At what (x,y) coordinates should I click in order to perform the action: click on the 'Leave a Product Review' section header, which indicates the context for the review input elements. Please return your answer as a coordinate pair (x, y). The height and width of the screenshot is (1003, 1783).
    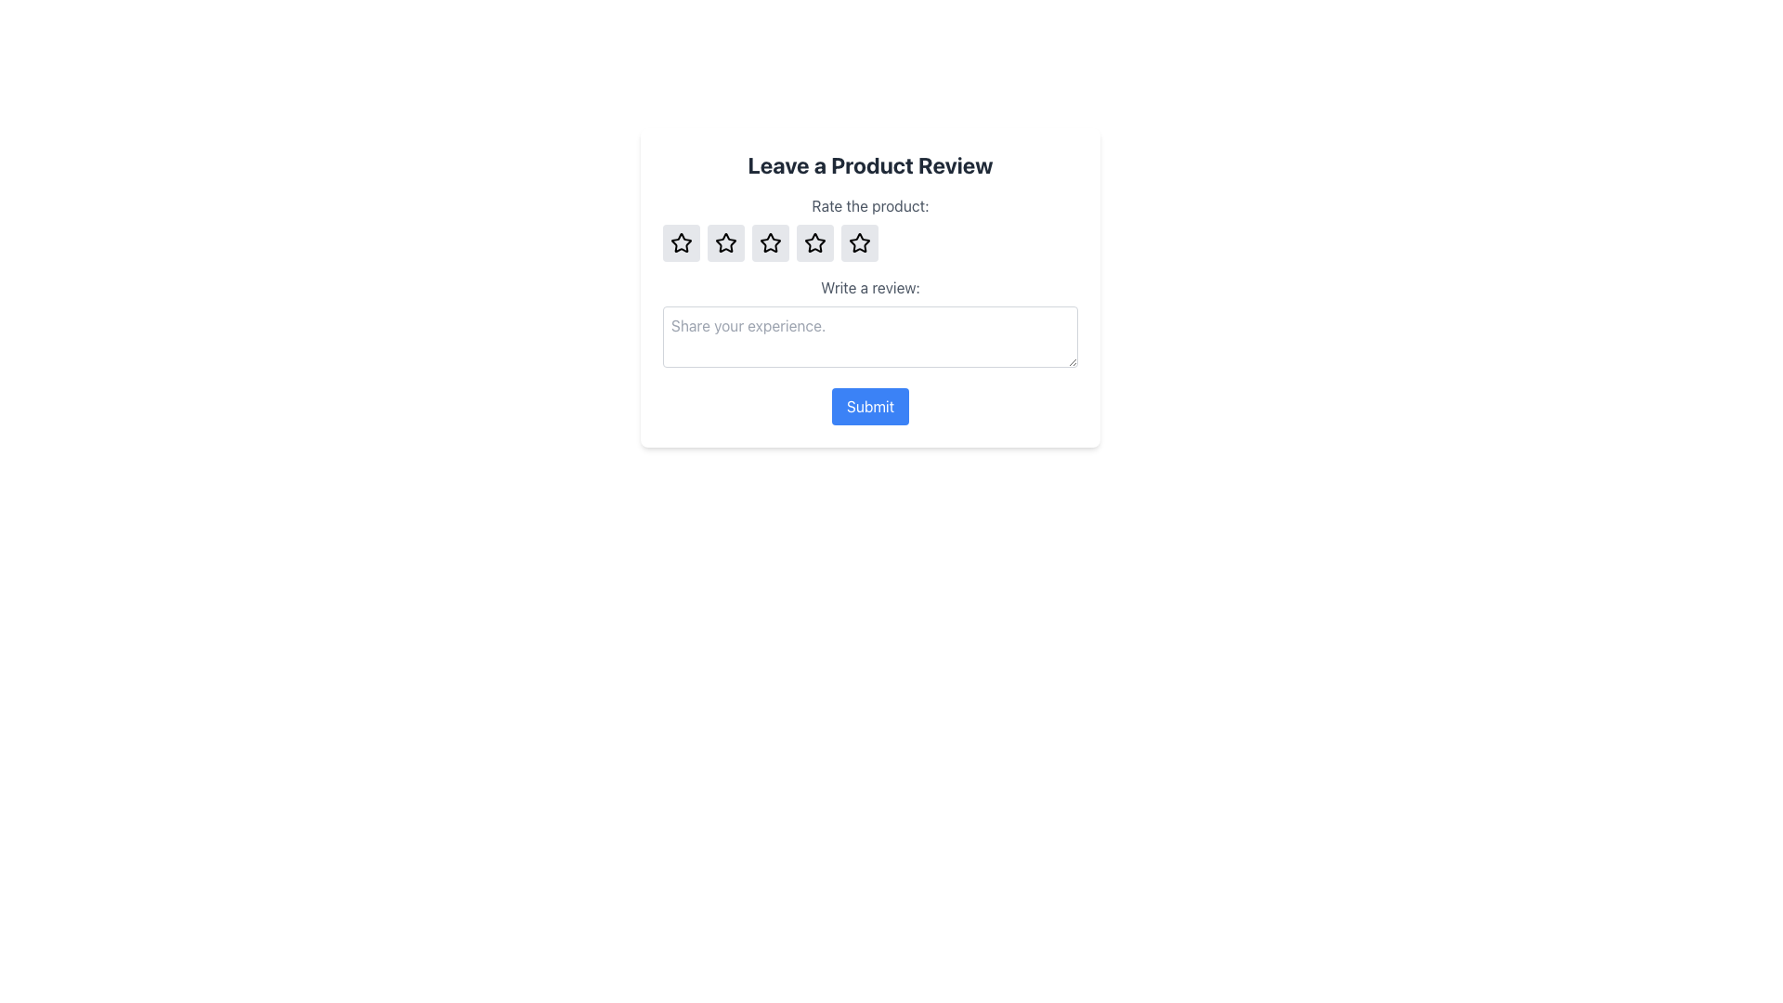
    Looking at the image, I should click on (869, 163).